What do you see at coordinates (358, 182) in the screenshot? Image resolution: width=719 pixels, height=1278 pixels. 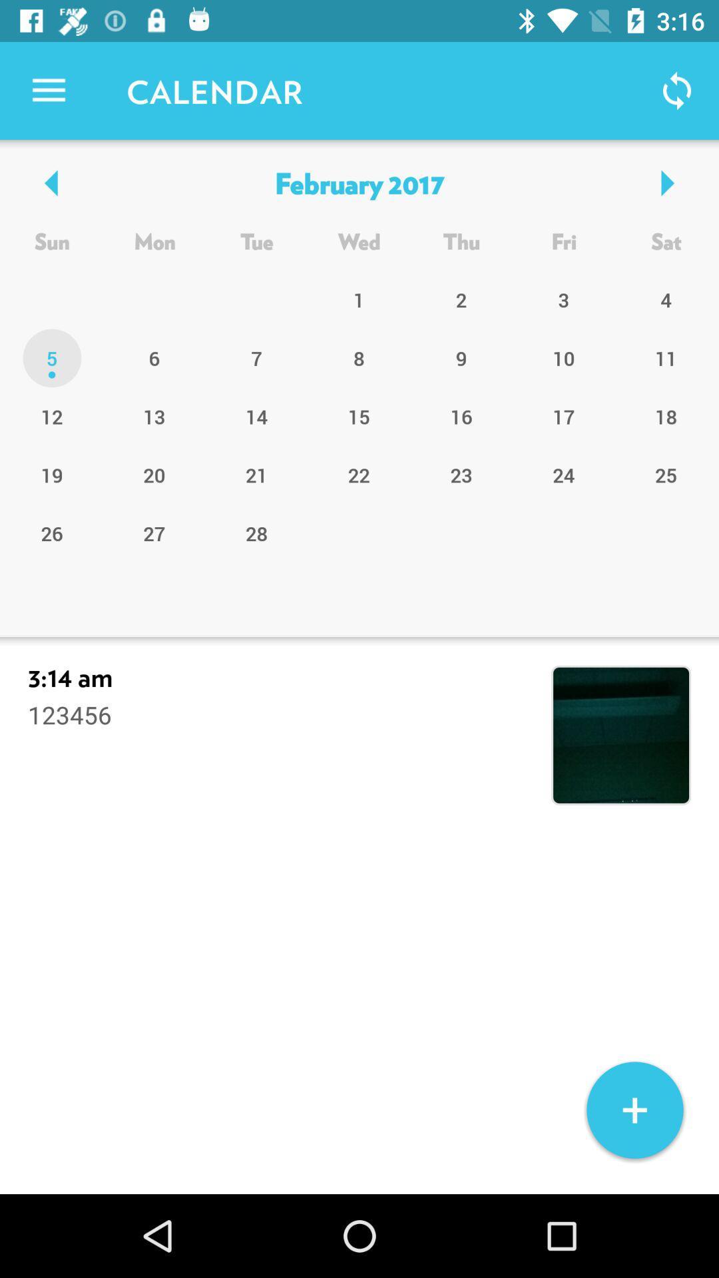 I see `the february 2017 item` at bounding box center [358, 182].